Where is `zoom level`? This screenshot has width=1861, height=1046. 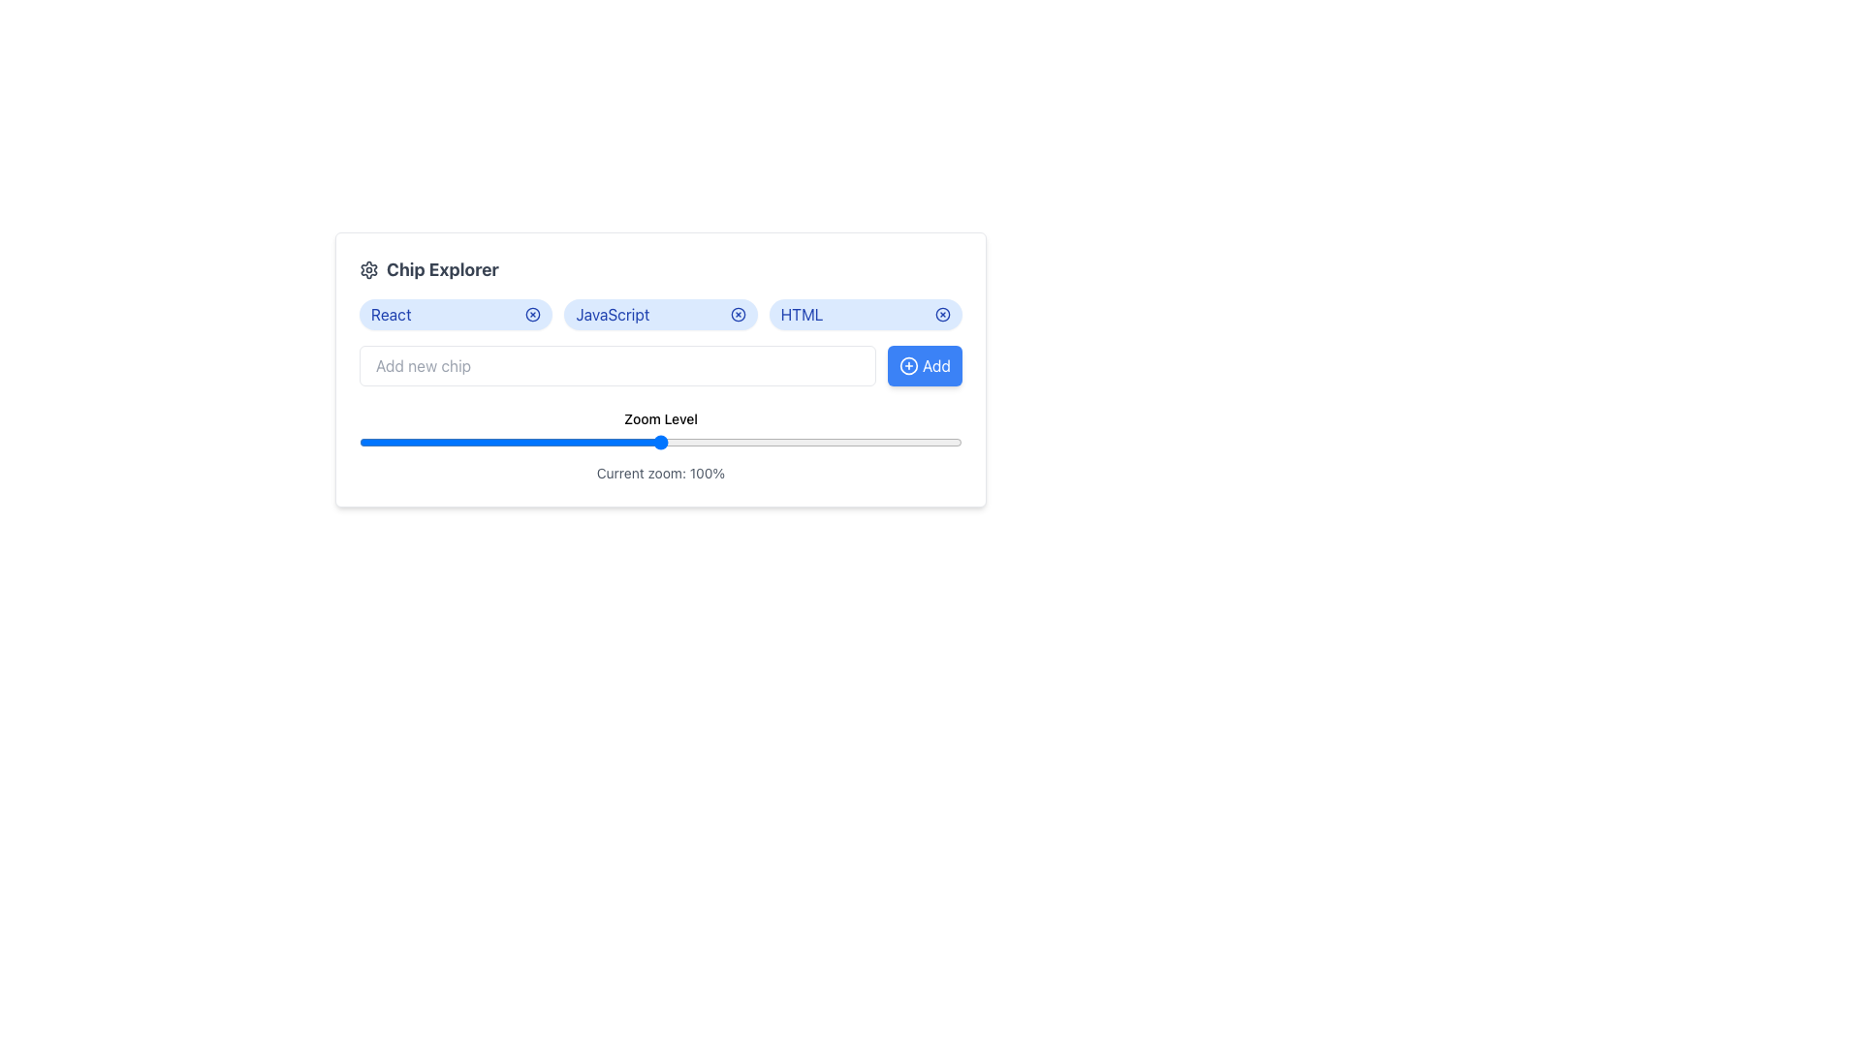 zoom level is located at coordinates (430, 442).